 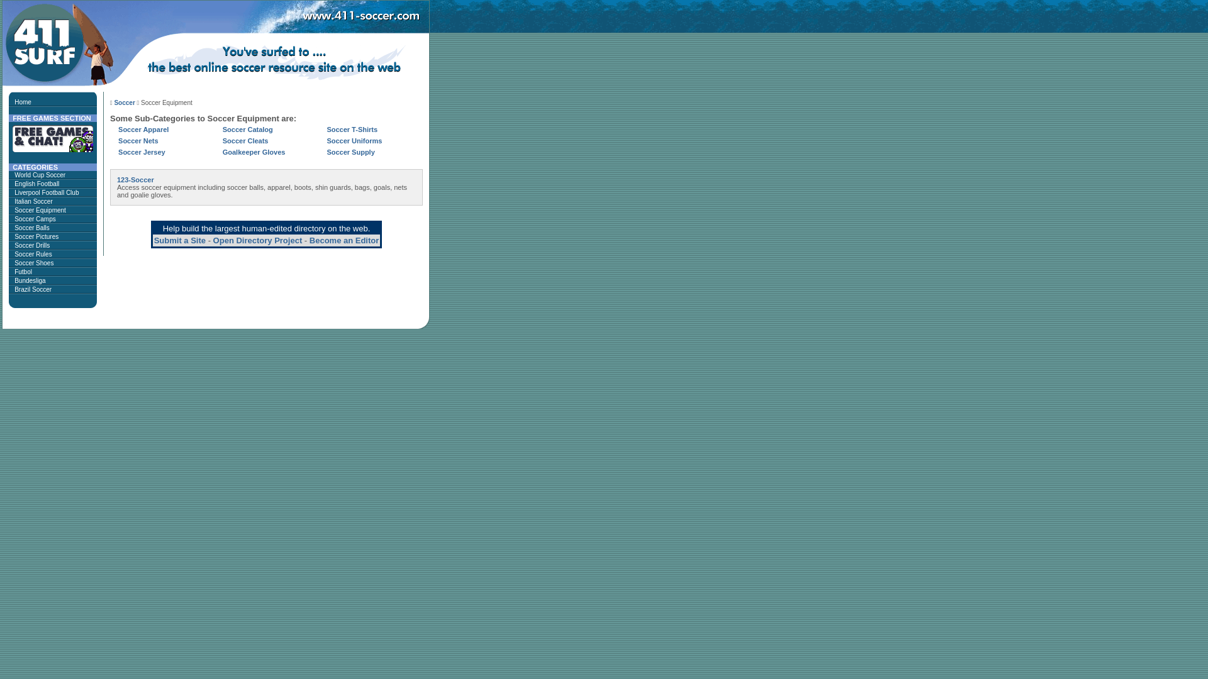 What do you see at coordinates (142, 152) in the screenshot?
I see `'Soccer Jersey'` at bounding box center [142, 152].